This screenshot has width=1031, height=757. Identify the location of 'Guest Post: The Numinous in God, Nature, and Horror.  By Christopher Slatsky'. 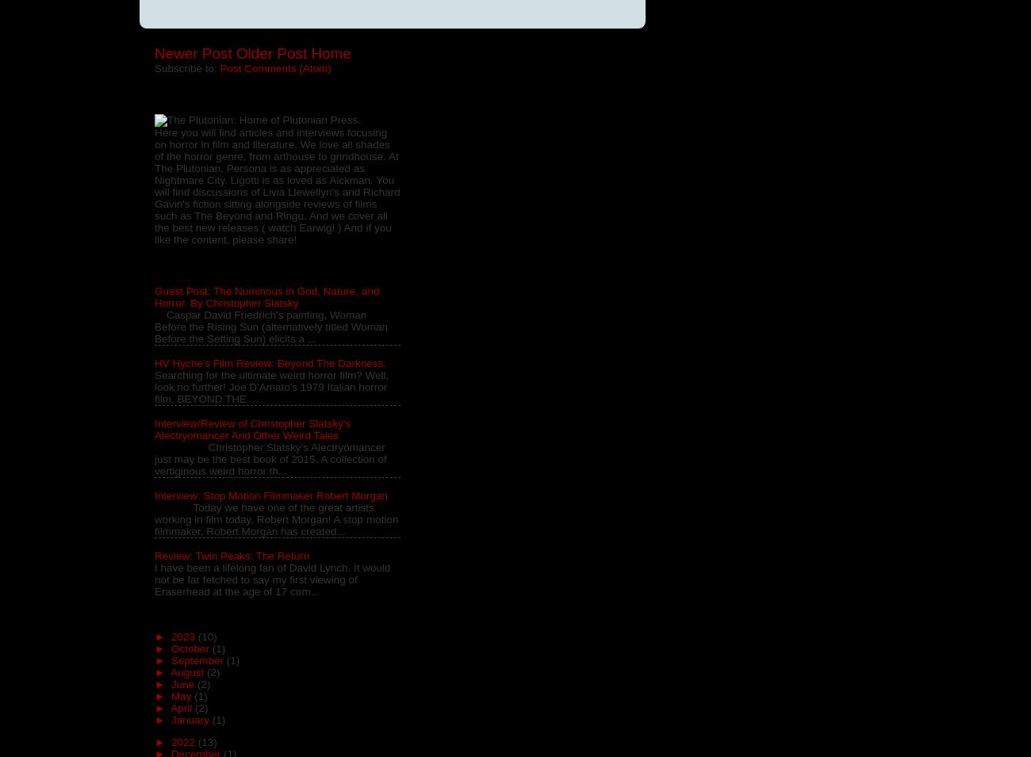
(155, 295).